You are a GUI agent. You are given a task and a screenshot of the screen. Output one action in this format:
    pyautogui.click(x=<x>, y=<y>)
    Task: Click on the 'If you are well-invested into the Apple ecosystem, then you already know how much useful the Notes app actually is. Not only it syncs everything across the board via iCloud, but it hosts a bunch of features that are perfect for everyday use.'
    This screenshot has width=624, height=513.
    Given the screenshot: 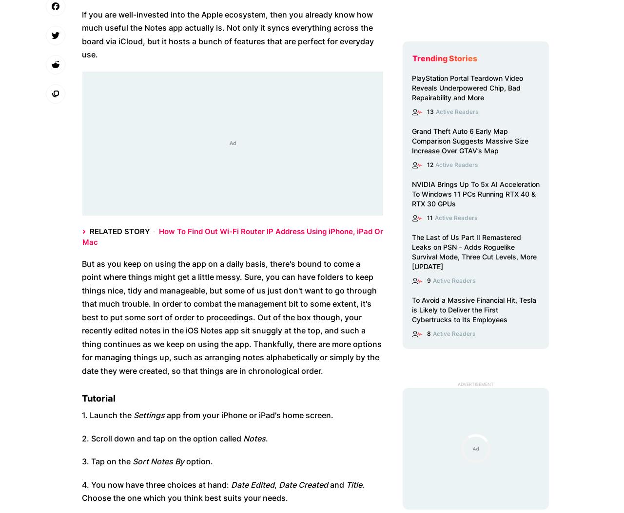 What is the action you would take?
    pyautogui.click(x=82, y=34)
    